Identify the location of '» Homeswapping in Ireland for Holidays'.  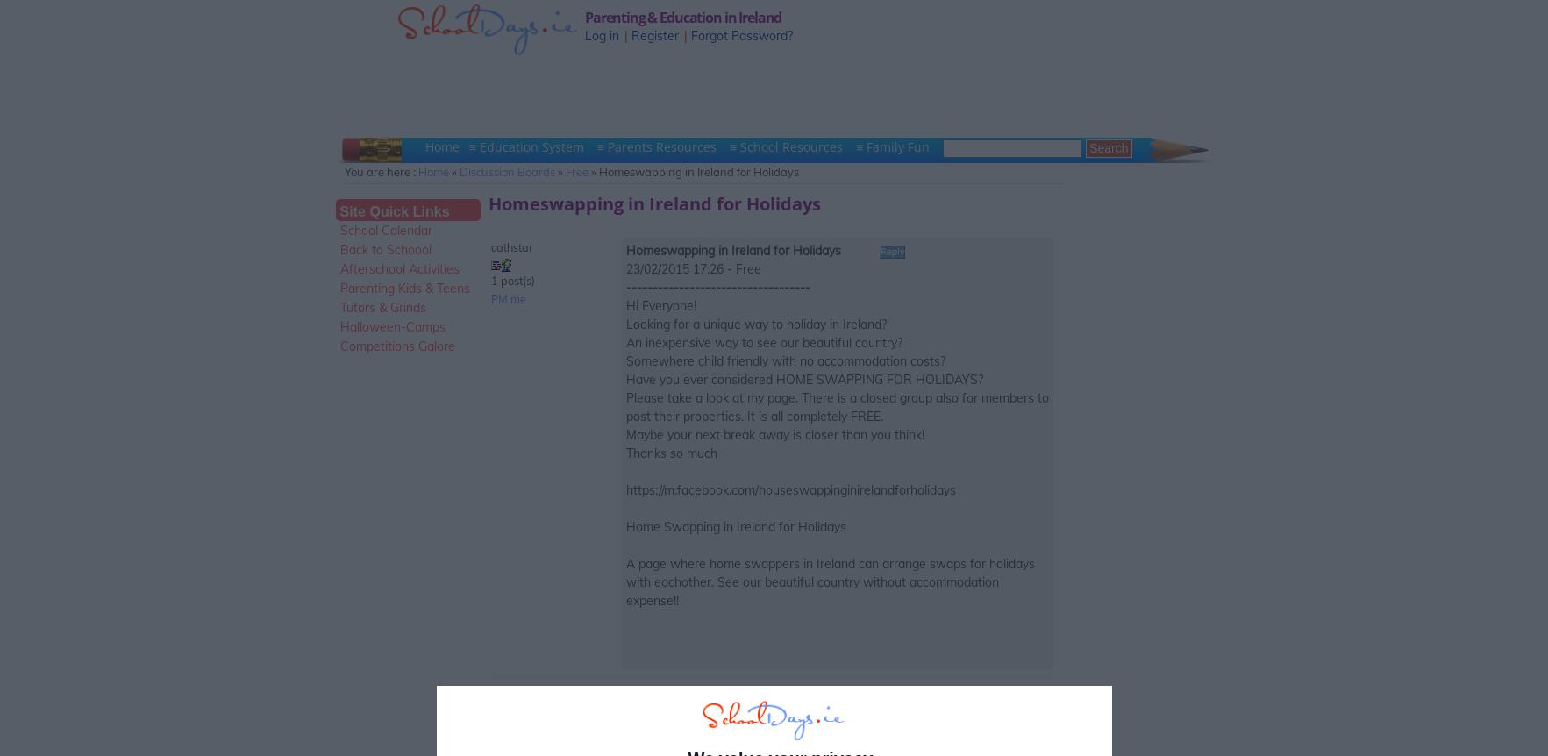
(692, 172).